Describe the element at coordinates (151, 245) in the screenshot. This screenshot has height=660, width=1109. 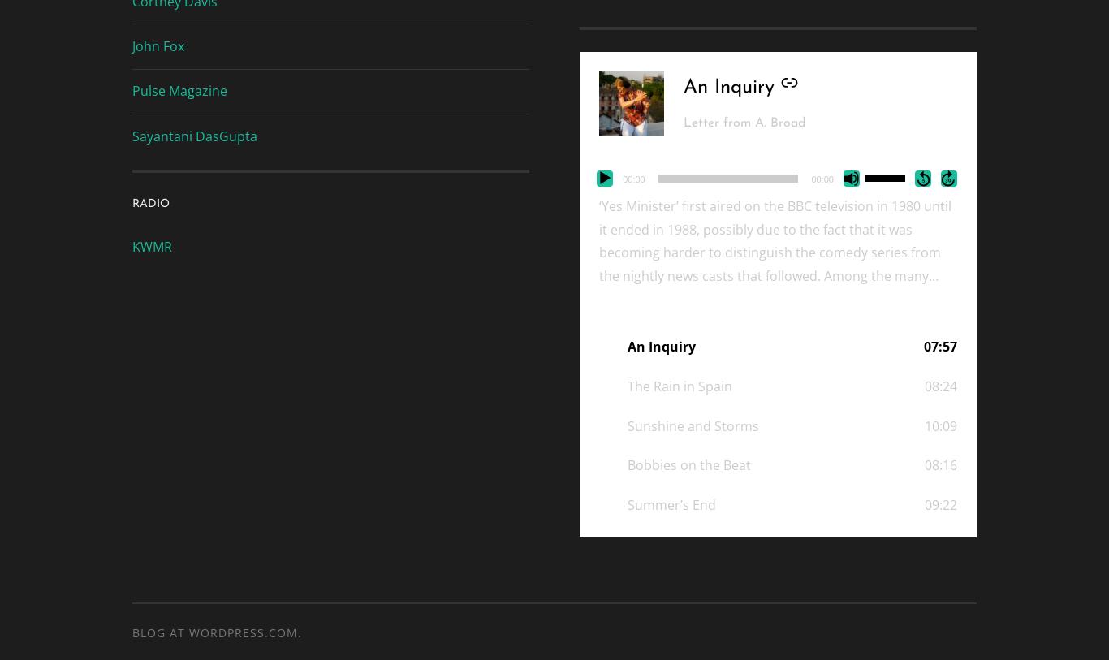
I see `'KWMR'` at that location.